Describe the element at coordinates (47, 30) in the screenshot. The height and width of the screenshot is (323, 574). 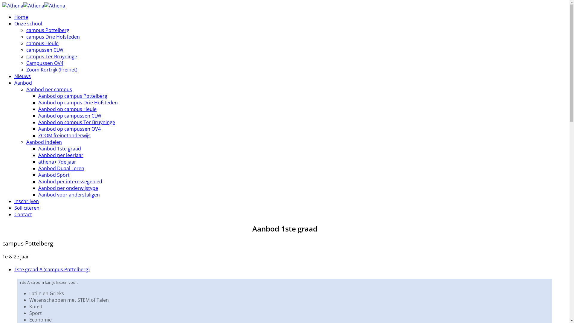
I see `'campus Pottelberg'` at that location.